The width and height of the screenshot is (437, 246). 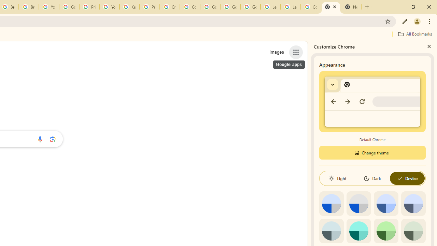 I want to click on 'Green', so click(x=386, y=231).